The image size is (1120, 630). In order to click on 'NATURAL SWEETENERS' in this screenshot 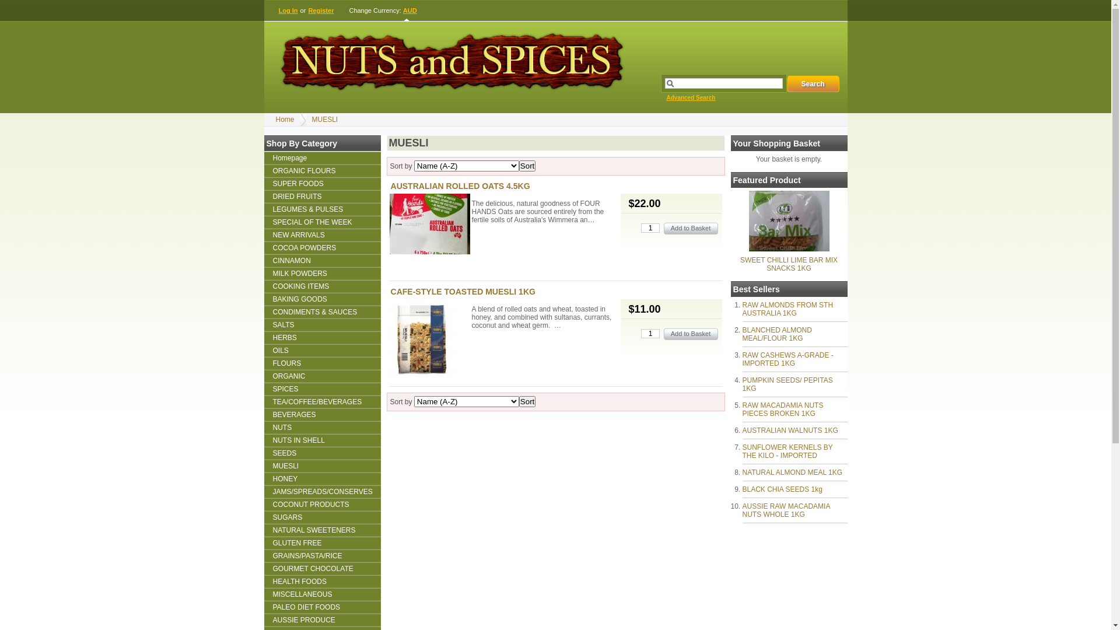, I will do `click(322, 530)`.